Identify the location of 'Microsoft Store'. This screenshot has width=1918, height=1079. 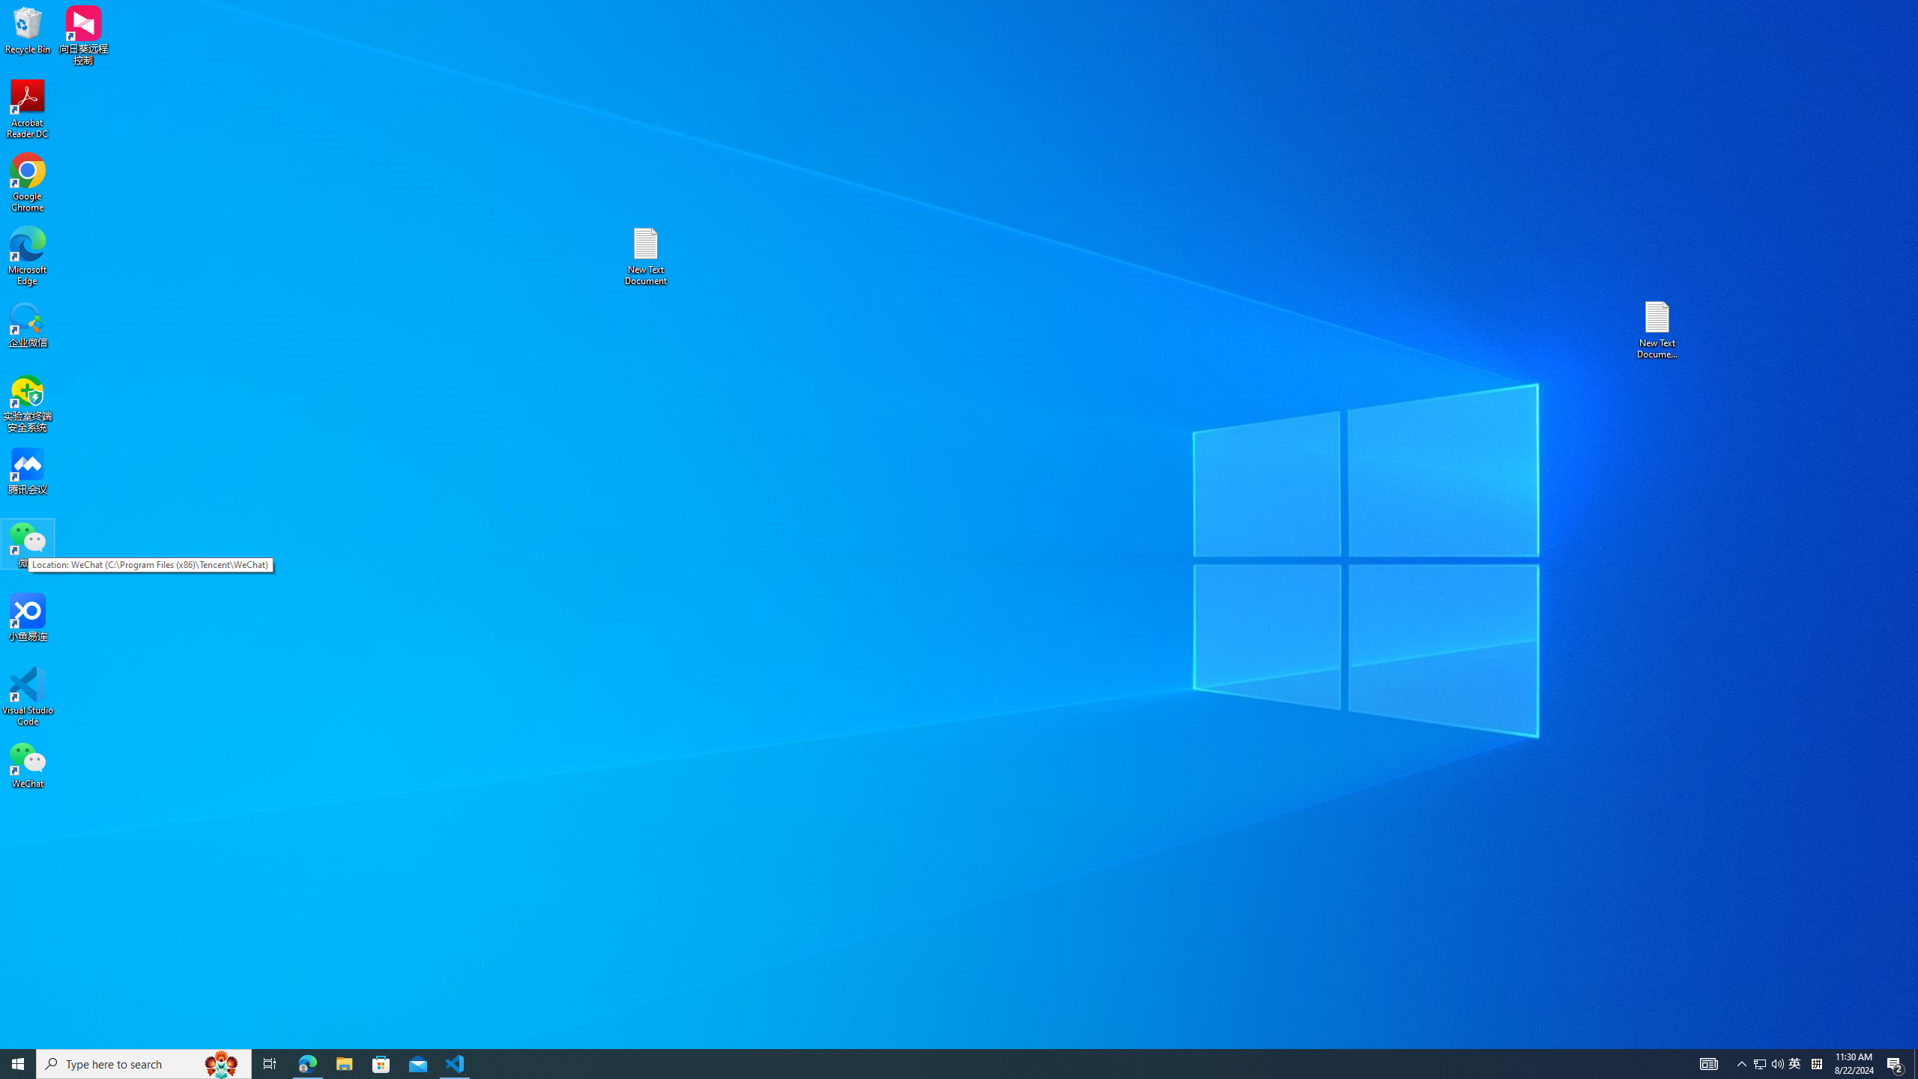
(381, 1063).